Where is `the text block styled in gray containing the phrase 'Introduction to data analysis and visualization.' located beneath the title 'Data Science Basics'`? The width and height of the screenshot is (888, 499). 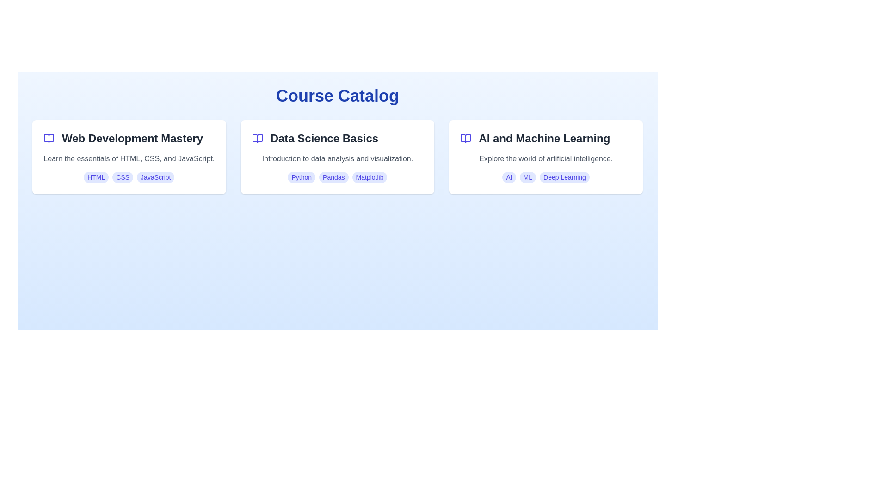 the text block styled in gray containing the phrase 'Introduction to data analysis and visualization.' located beneath the title 'Data Science Basics' is located at coordinates (337, 158).